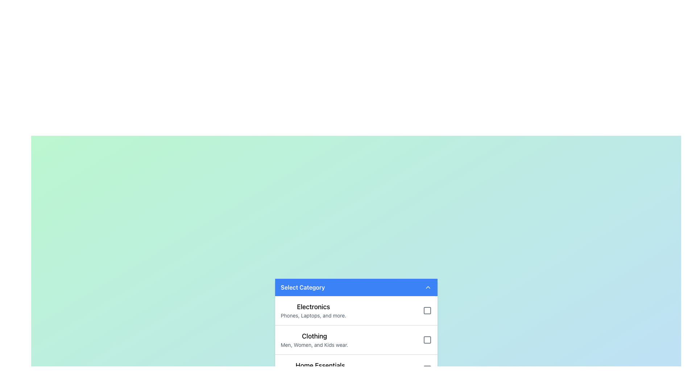  Describe the element at coordinates (356, 340) in the screenshot. I see `the checkbox for the 'Clothing' category in the dropdown list` at that location.